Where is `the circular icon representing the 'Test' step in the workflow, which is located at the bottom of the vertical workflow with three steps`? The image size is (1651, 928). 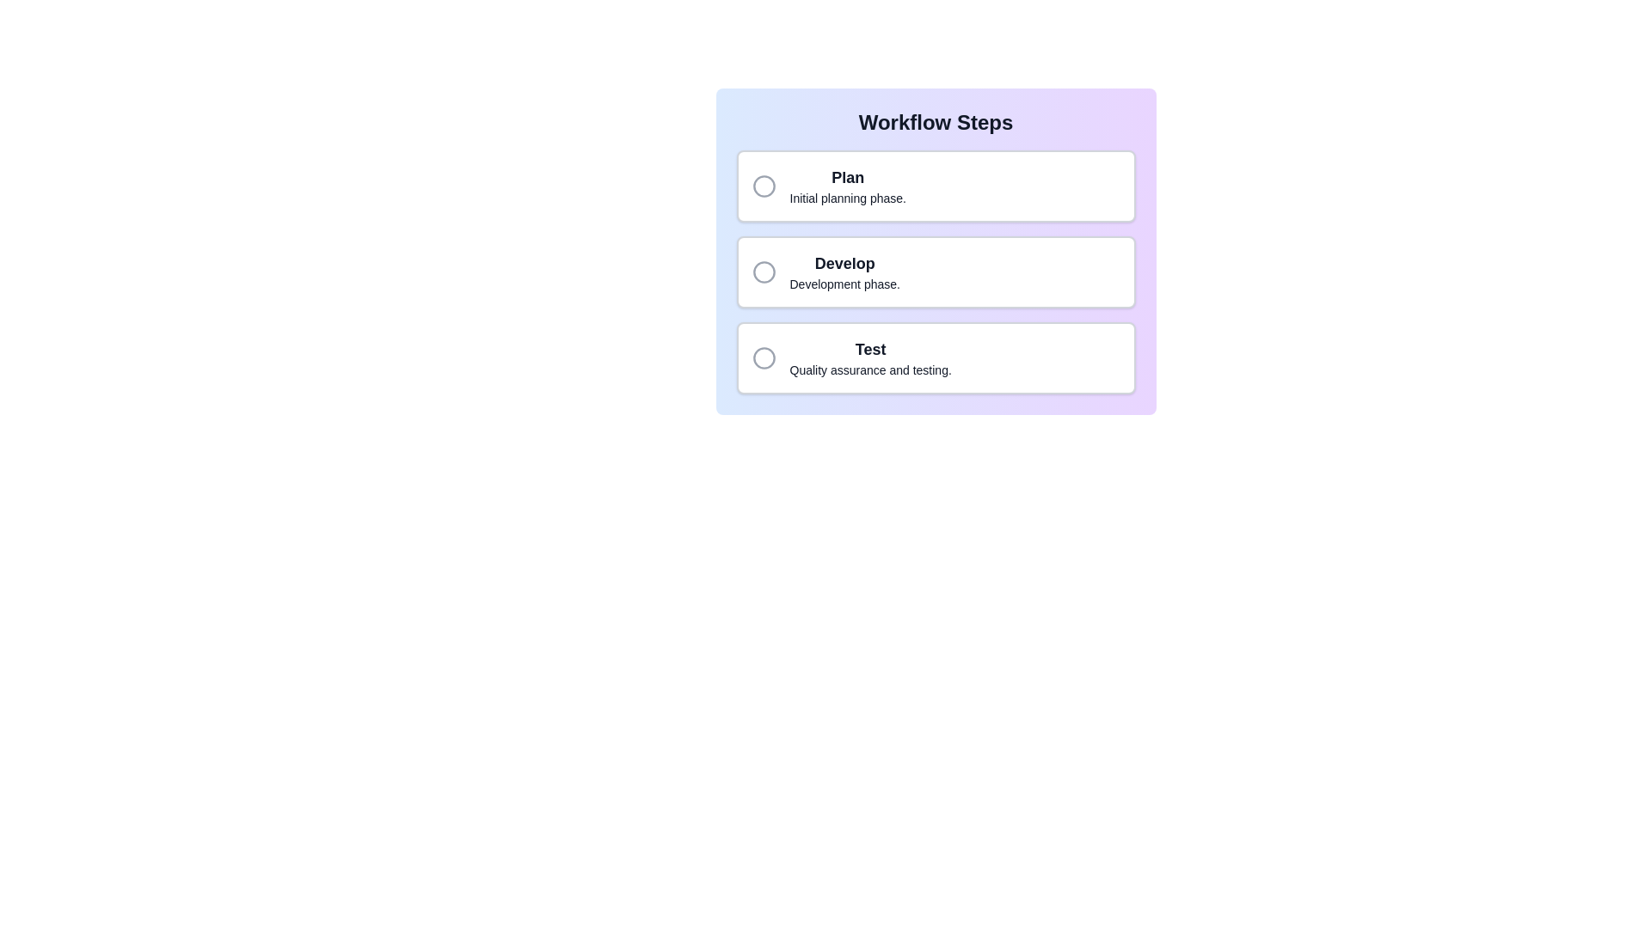
the circular icon representing the 'Test' step in the workflow, which is located at the bottom of the vertical workflow with three steps is located at coordinates (763, 357).